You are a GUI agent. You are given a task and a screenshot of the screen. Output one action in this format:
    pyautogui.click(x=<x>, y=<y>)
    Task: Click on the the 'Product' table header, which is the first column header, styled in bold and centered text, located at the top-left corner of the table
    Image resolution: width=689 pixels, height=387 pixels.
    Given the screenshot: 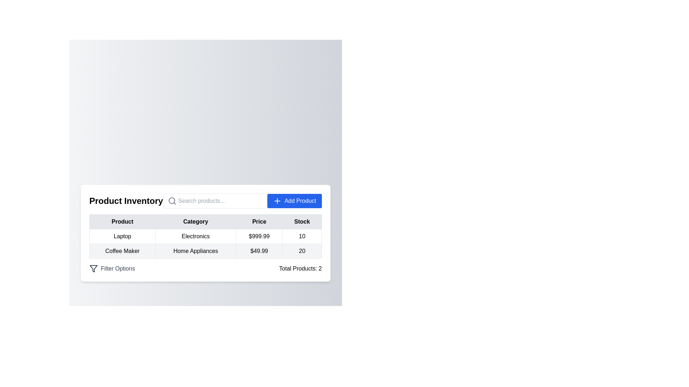 What is the action you would take?
    pyautogui.click(x=122, y=221)
    